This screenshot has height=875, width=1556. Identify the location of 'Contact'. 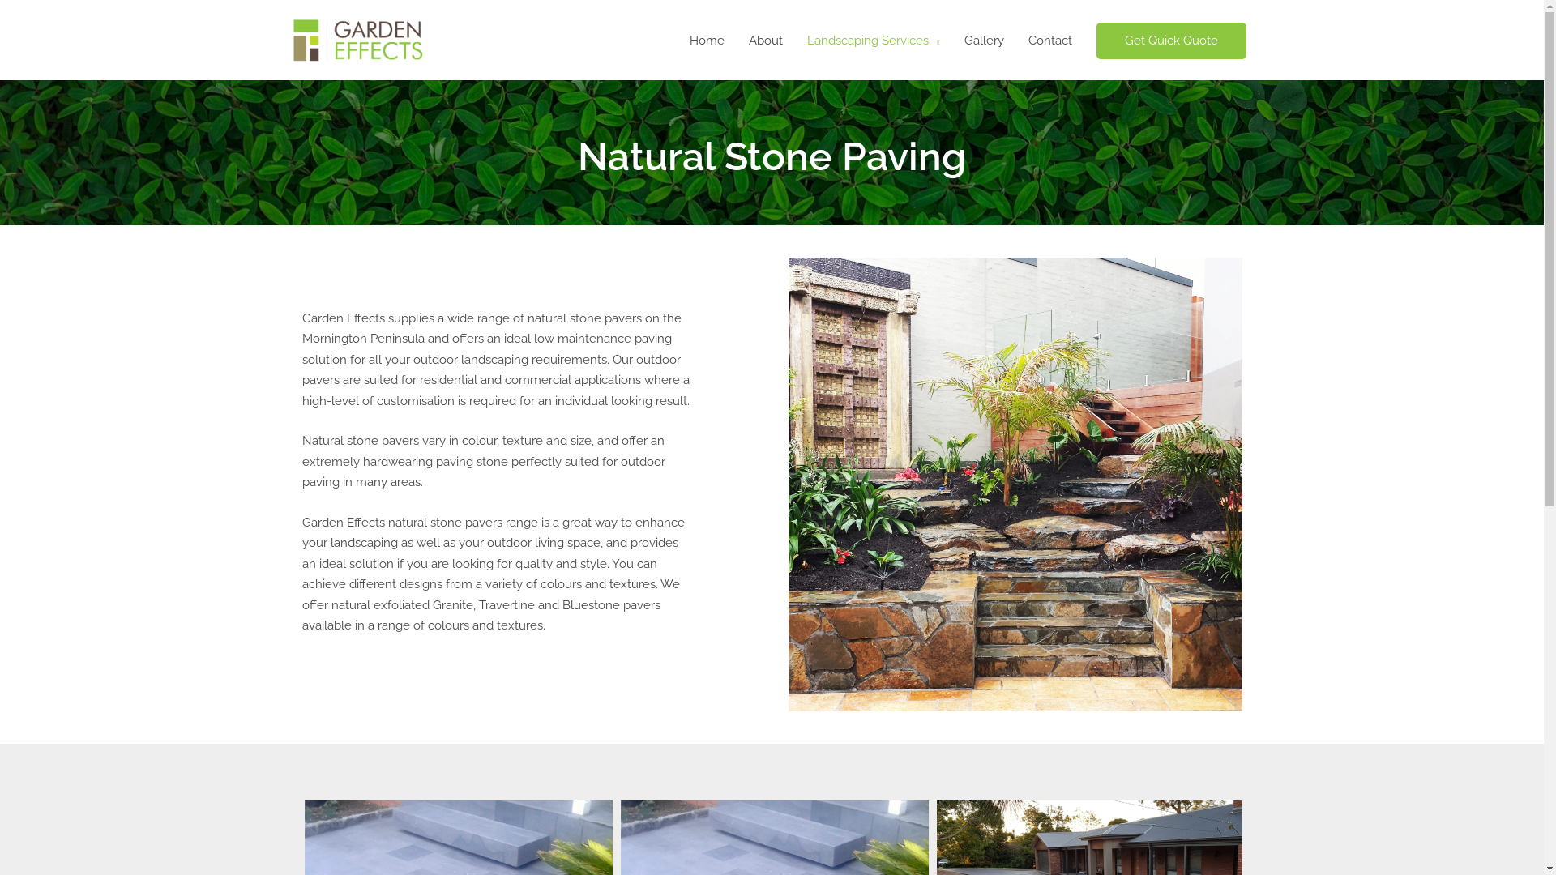
(1050, 40).